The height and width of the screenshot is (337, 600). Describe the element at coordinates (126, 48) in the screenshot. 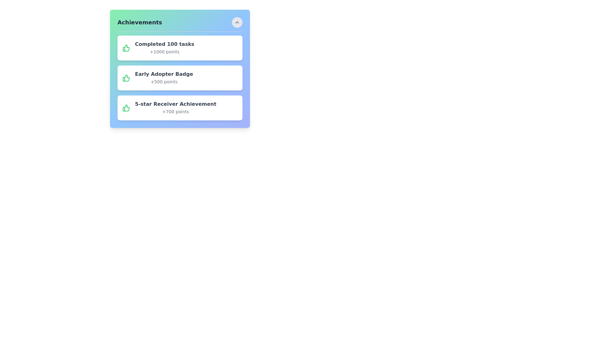

I see `the green thumbs-up icon located to the left of the text 'Completed 100 tasks' in the first achievements card` at that location.